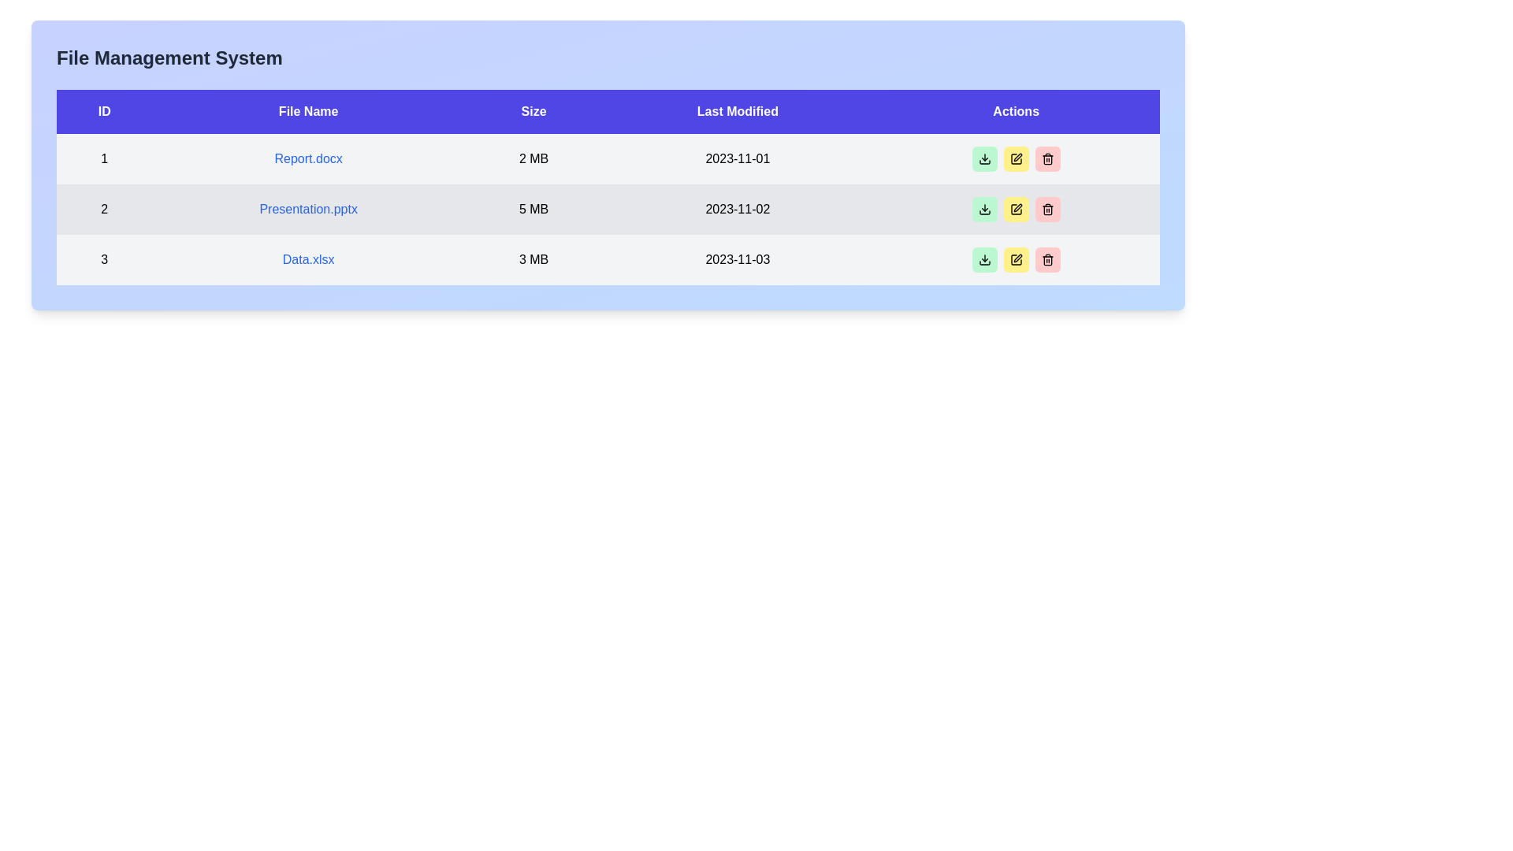 Image resolution: width=1513 pixels, height=851 pixels. Describe the element at coordinates (1016, 259) in the screenshot. I see `the second button in the 'Actions' group for the file 'Data.xlsx' to change its appearance` at that location.